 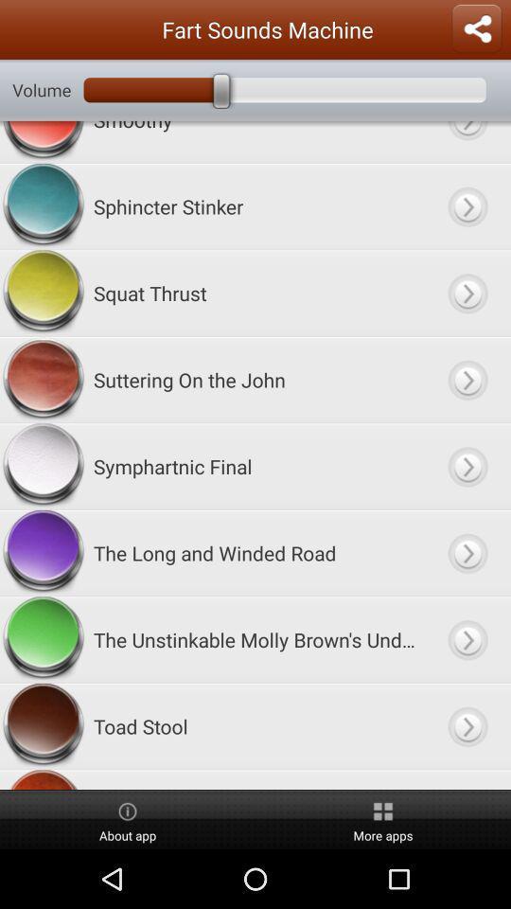 What do you see at coordinates (255, 141) in the screenshot?
I see `the smoothy app` at bounding box center [255, 141].